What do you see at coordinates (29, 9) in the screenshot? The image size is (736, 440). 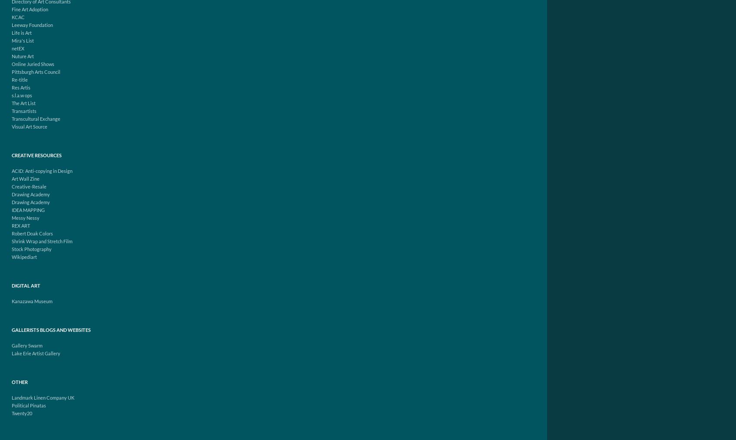 I see `'Fine Art Adoption'` at bounding box center [29, 9].